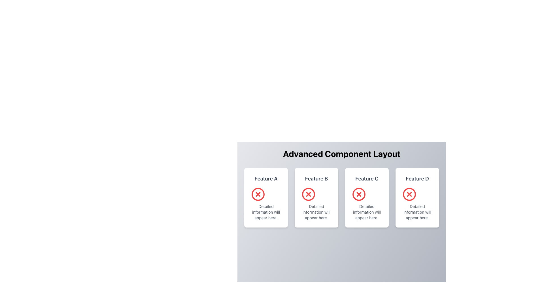 The height and width of the screenshot is (306, 544). What do you see at coordinates (359, 194) in the screenshot?
I see `the error or dismissal indicator icon located in the 'Feature C' section, positioned between the title 'Feature C' and the descriptive text 'Detailed information will appear here.'` at bounding box center [359, 194].